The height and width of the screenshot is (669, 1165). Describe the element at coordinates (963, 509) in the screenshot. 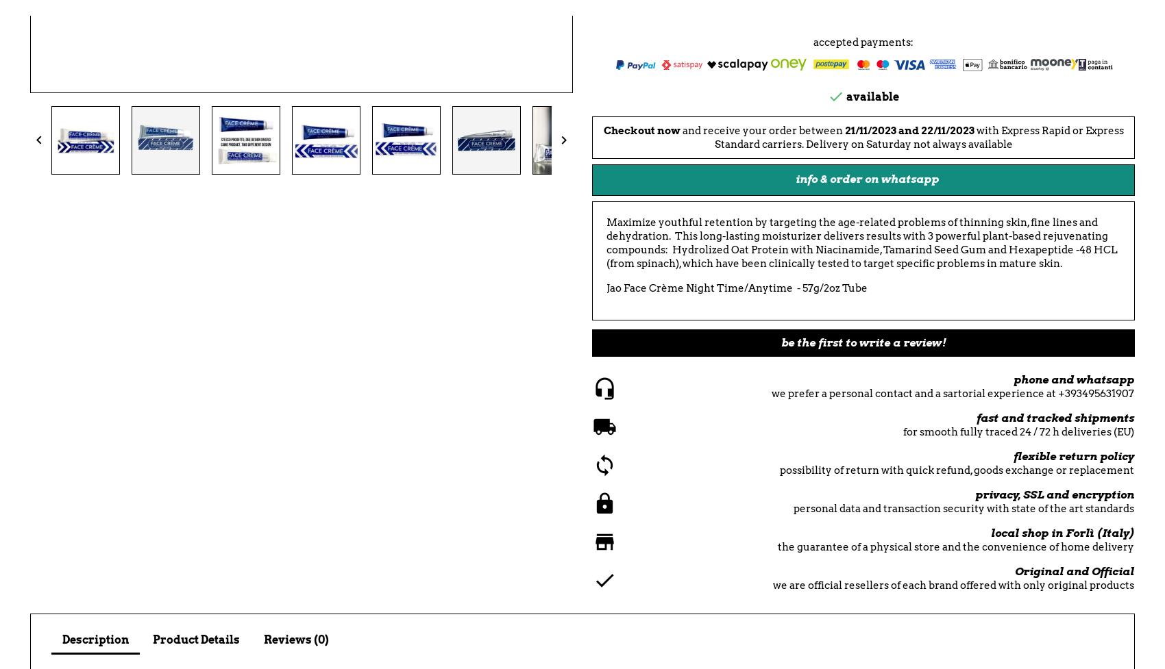

I see `'personal data and transaction security with state of the art standards'` at that location.